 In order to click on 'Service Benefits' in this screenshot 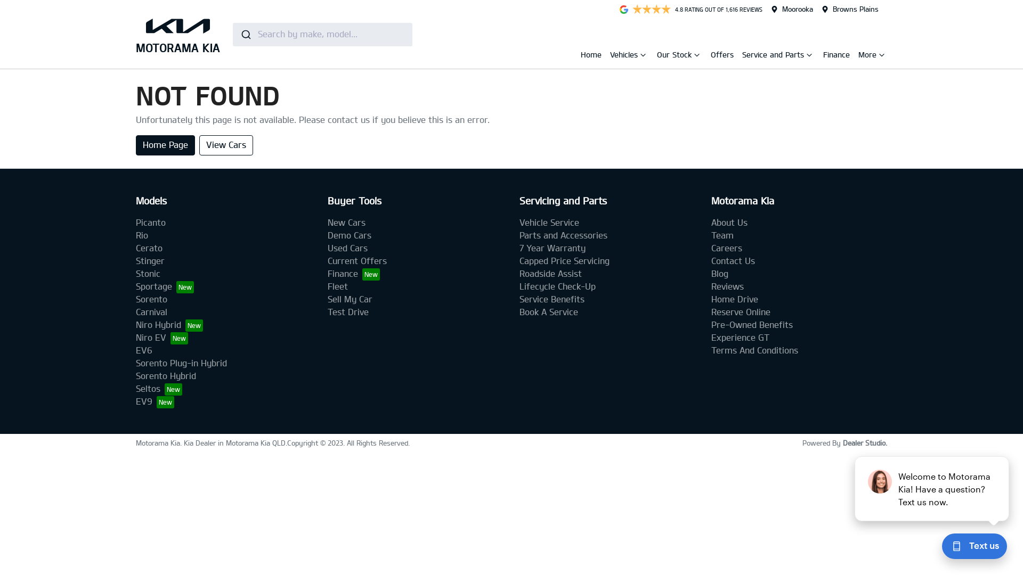, I will do `click(519, 299)`.